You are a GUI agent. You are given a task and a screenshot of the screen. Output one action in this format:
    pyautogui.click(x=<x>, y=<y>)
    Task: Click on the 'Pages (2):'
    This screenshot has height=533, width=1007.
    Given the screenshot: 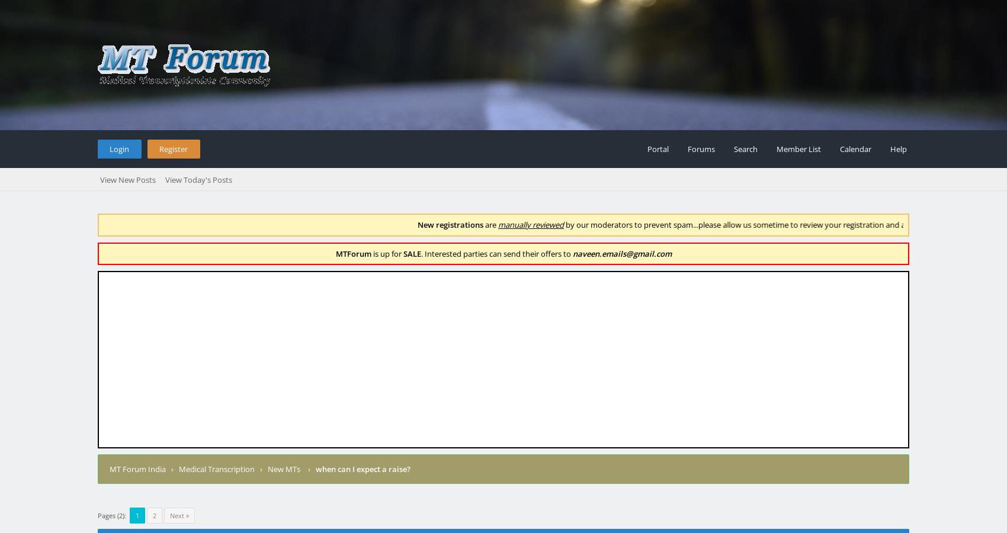 What is the action you would take?
    pyautogui.click(x=111, y=515)
    